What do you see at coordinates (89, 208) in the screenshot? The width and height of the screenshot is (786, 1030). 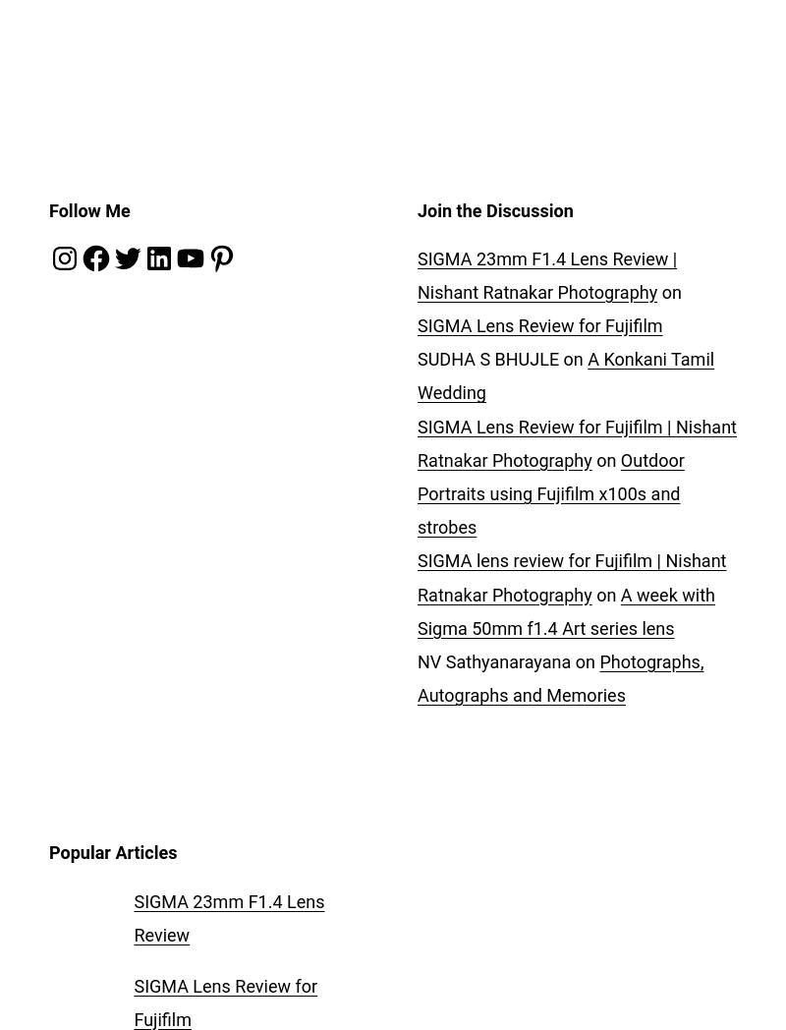 I see `'Follow Me'` at bounding box center [89, 208].